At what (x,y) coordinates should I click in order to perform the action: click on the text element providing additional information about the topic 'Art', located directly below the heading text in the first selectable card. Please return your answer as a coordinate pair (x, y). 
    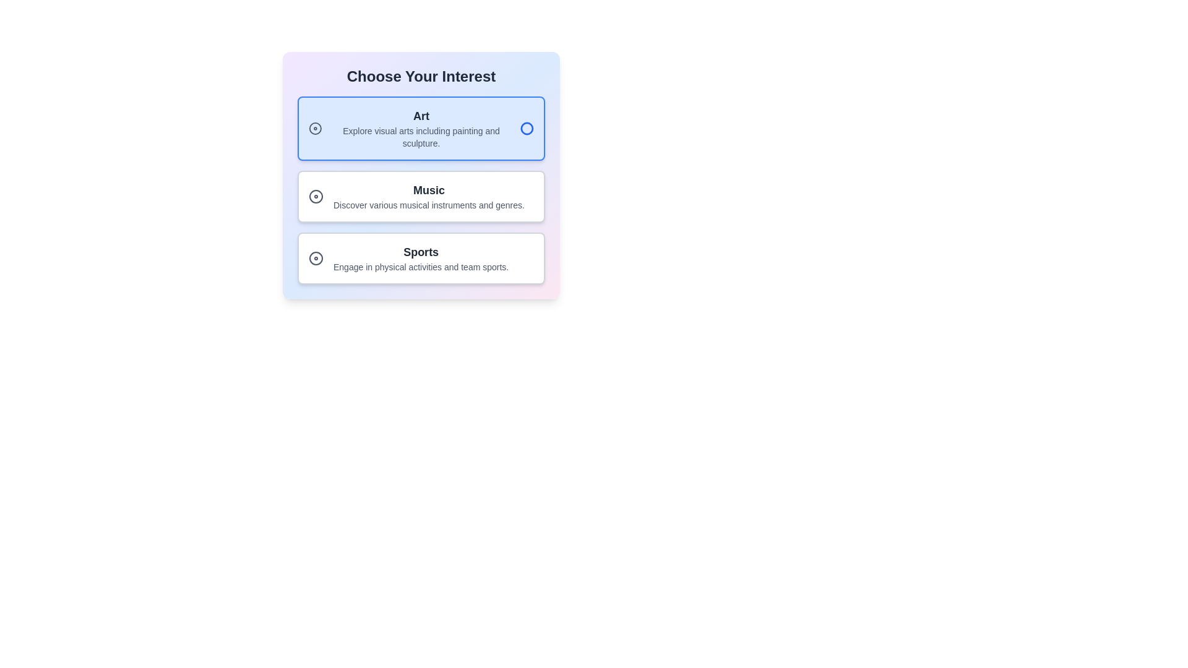
    Looking at the image, I should click on (421, 137).